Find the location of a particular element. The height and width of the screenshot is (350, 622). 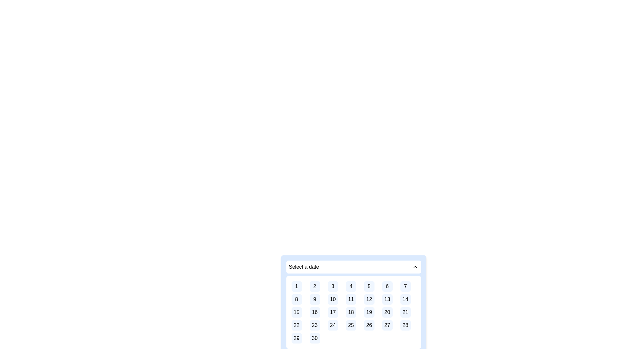

the rounded square button with a soft blue background containing the text '23' is located at coordinates (315, 325).